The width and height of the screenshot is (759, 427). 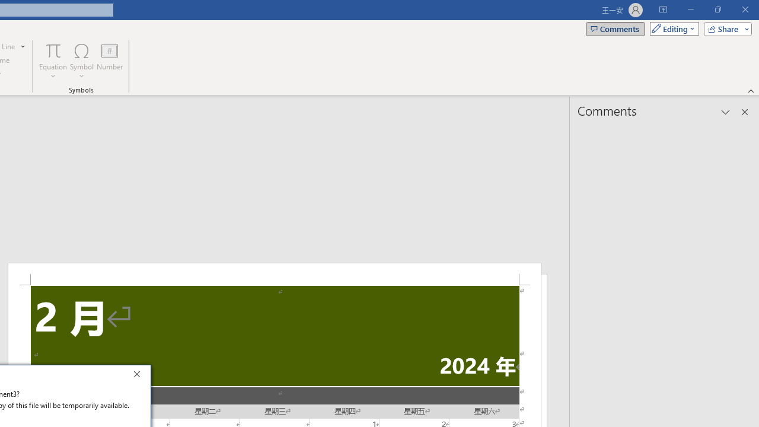 What do you see at coordinates (53, 61) in the screenshot?
I see `'Equation'` at bounding box center [53, 61].